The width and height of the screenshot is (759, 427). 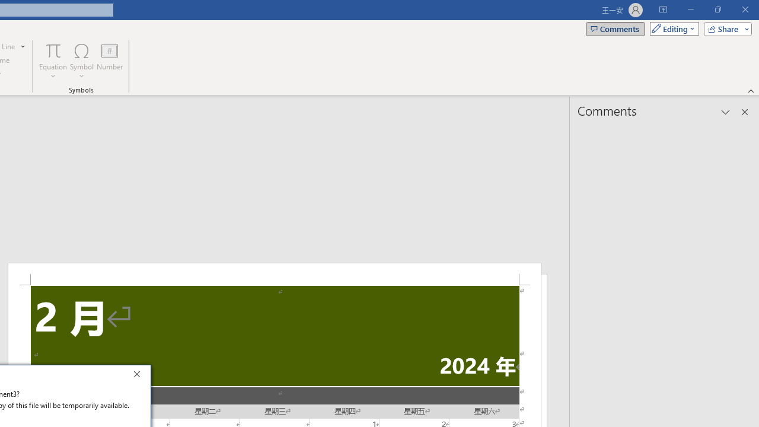 What do you see at coordinates (53, 61) in the screenshot?
I see `'Equation'` at bounding box center [53, 61].